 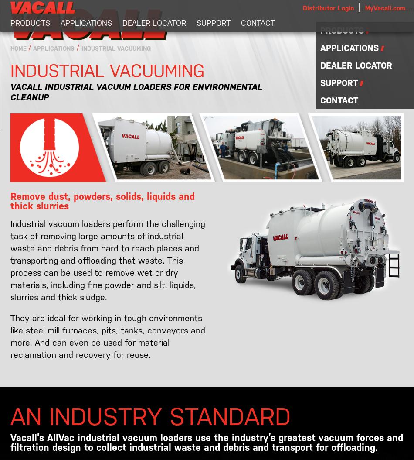 I want to click on 'Catch Basin Cleaners', so click(x=53, y=82).